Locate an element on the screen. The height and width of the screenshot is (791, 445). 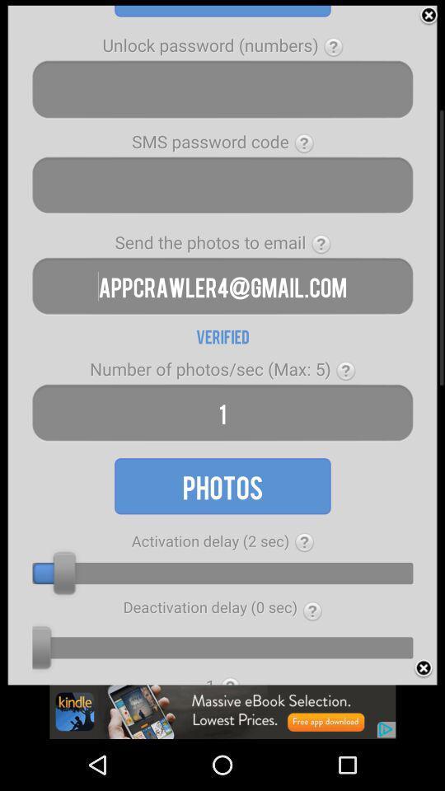
button 1 is located at coordinates (222, 412).